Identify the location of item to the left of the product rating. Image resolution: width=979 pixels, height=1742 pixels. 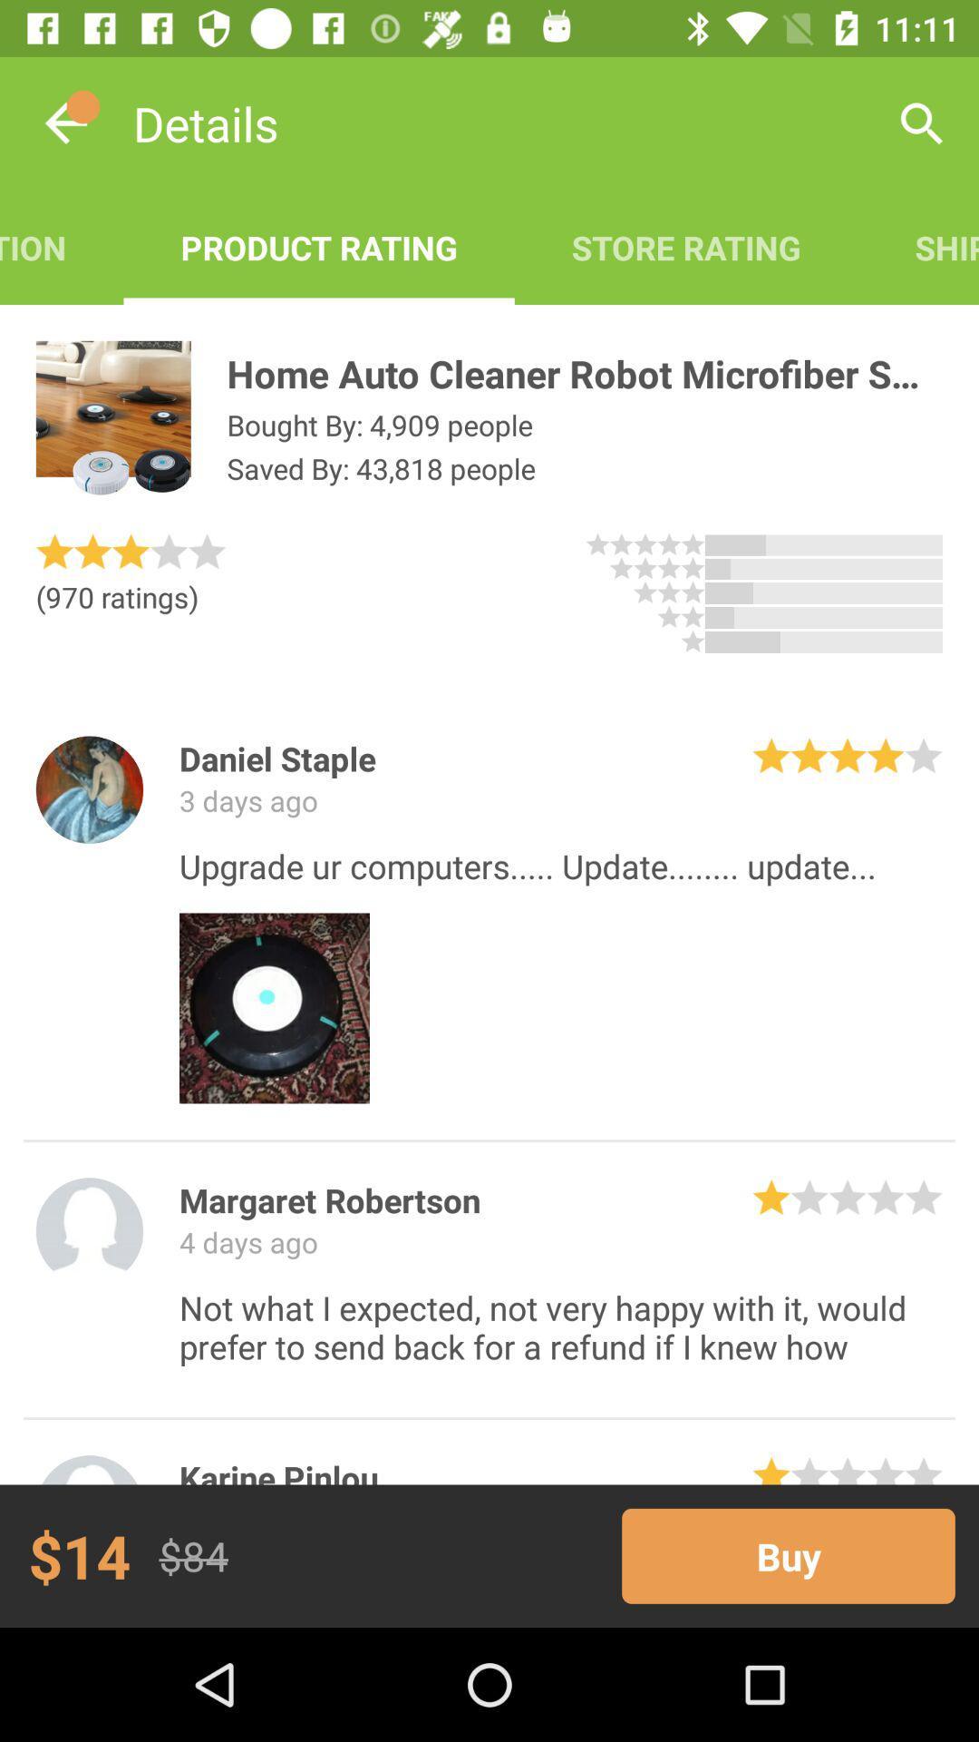
(61, 247).